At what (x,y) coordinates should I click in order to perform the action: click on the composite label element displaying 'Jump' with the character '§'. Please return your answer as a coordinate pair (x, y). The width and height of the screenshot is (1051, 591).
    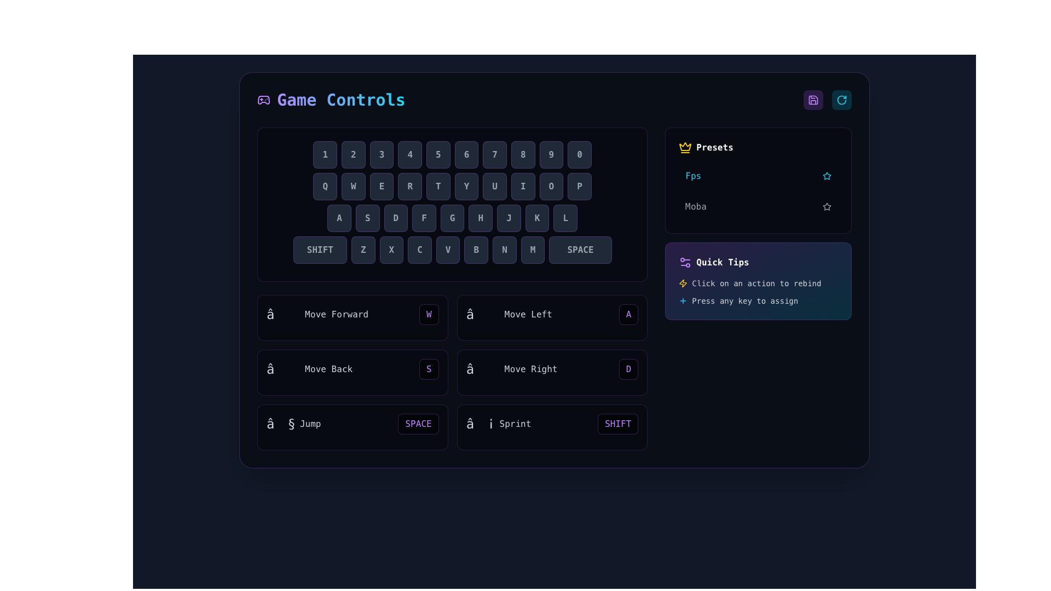
    Looking at the image, I should click on (293, 424).